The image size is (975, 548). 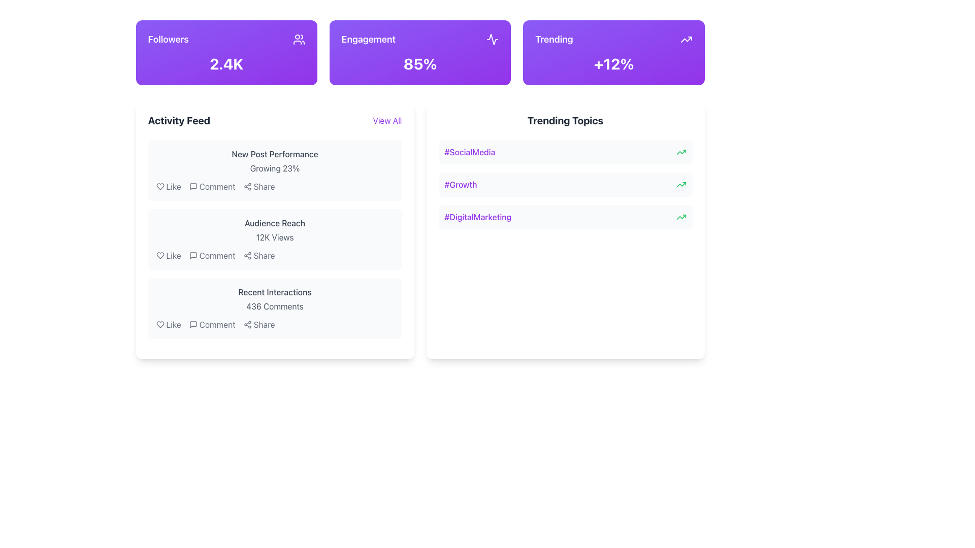 I want to click on the 'Activity Feed' title text label located in the upper left corner of the content section, adjacent to the 'View All' button, so click(x=179, y=120).